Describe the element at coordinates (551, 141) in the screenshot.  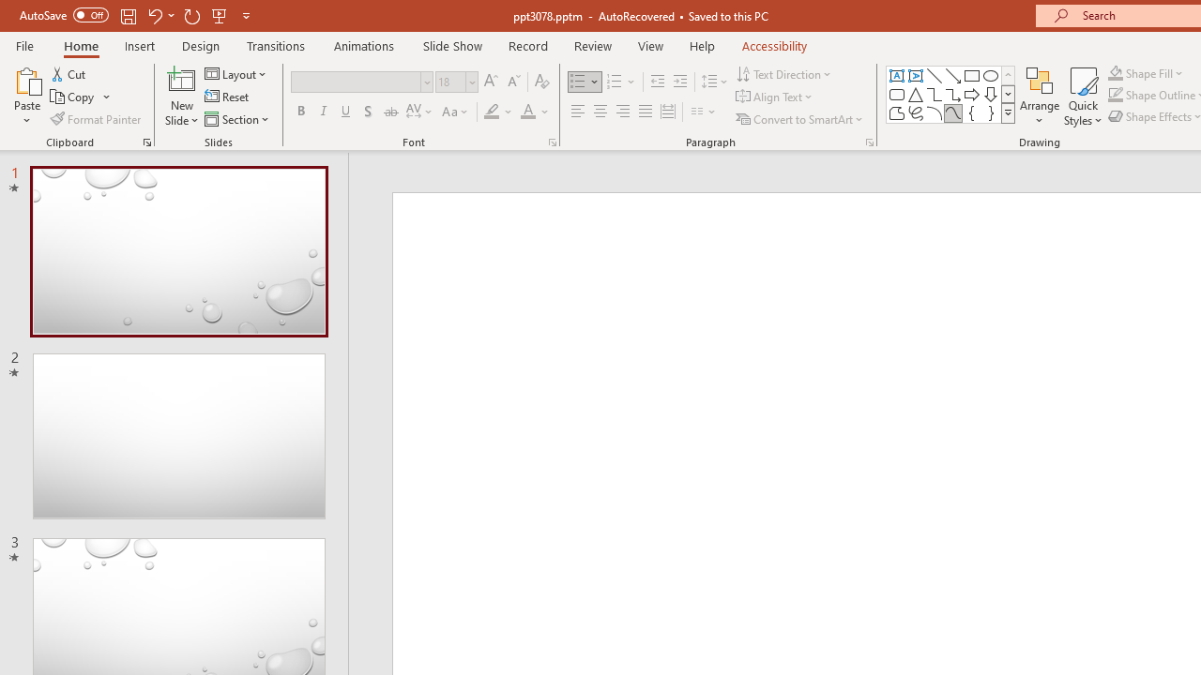
I see `'Font...'` at that location.